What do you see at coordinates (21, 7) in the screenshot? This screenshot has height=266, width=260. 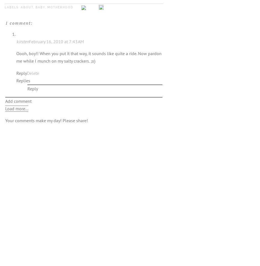 I see `'about'` at bounding box center [21, 7].